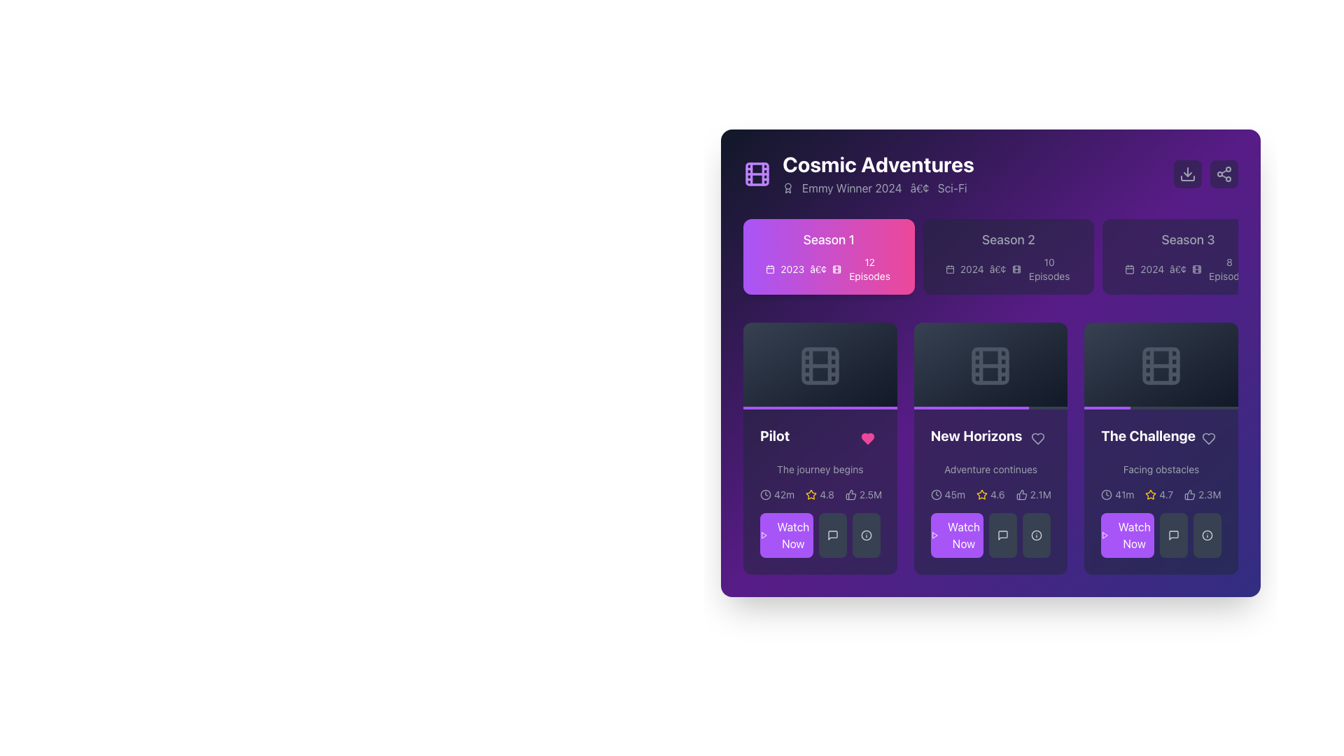 This screenshot has height=756, width=1344. I want to click on the circled info icon button located at the bottom-right corner of the fourth card labeled 'The Challenge', so click(1206, 534).